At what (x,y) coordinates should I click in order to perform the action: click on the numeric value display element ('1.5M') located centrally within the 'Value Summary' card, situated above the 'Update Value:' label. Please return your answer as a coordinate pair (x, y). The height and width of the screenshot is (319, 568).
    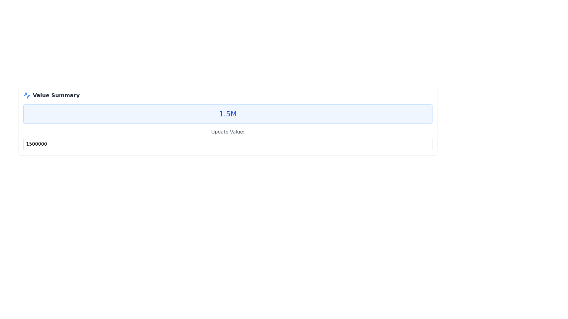
    Looking at the image, I should click on (227, 114).